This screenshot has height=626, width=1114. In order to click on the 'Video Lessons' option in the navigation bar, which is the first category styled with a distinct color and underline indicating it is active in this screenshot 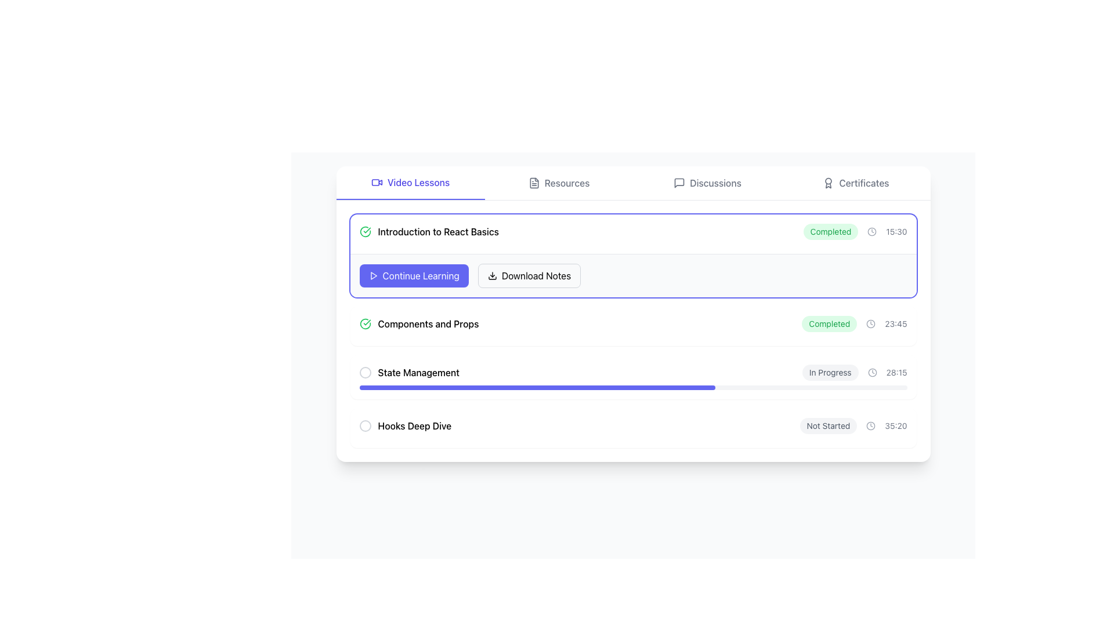, I will do `click(632, 183)`.